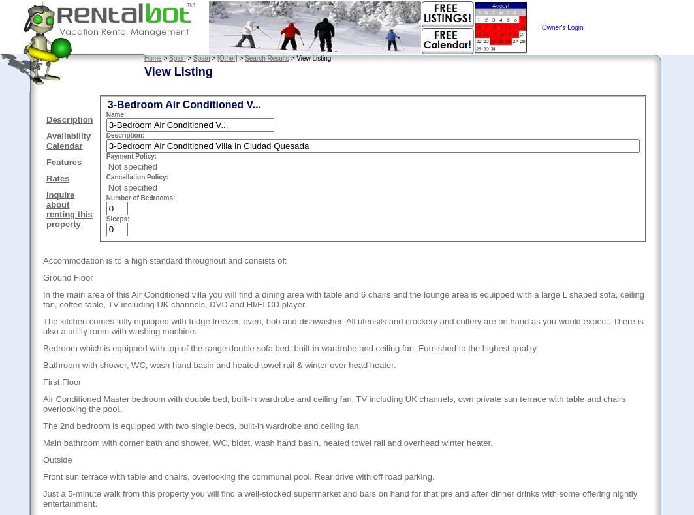 This screenshot has width=694, height=515. I want to click on 'Inquire about renting this property', so click(69, 208).